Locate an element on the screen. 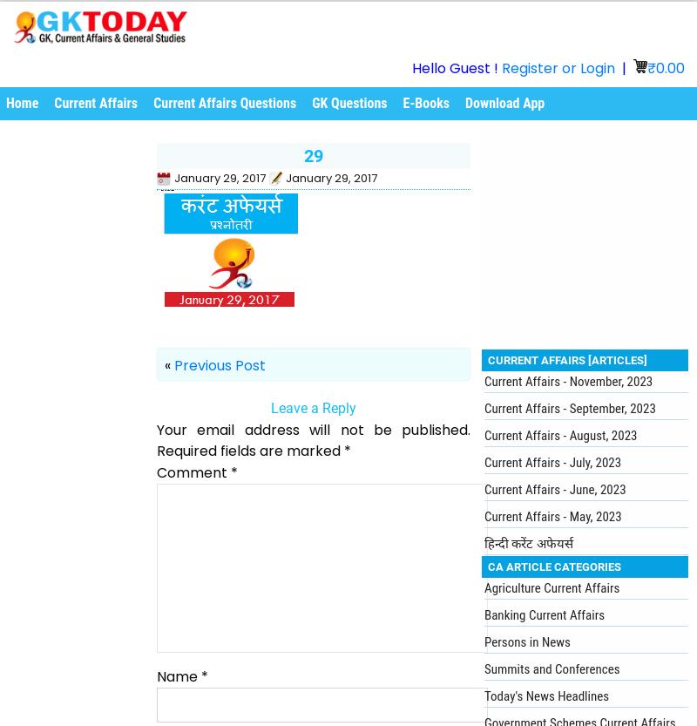  'Previous Post' is located at coordinates (218, 363).